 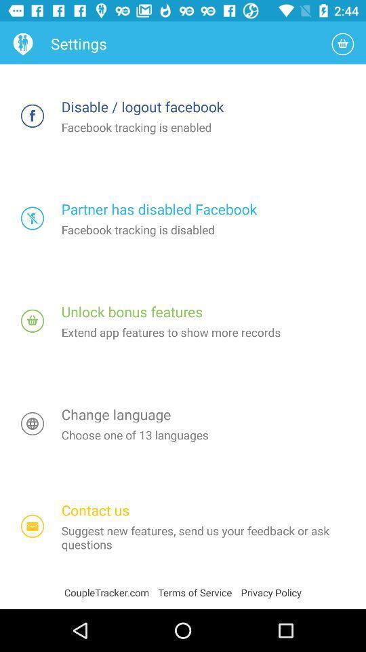 What do you see at coordinates (33, 526) in the screenshot?
I see `the email icon` at bounding box center [33, 526].